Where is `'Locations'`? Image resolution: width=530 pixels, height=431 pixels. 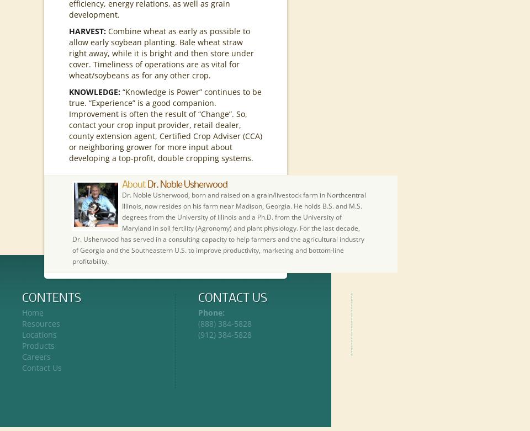 'Locations' is located at coordinates (39, 334).